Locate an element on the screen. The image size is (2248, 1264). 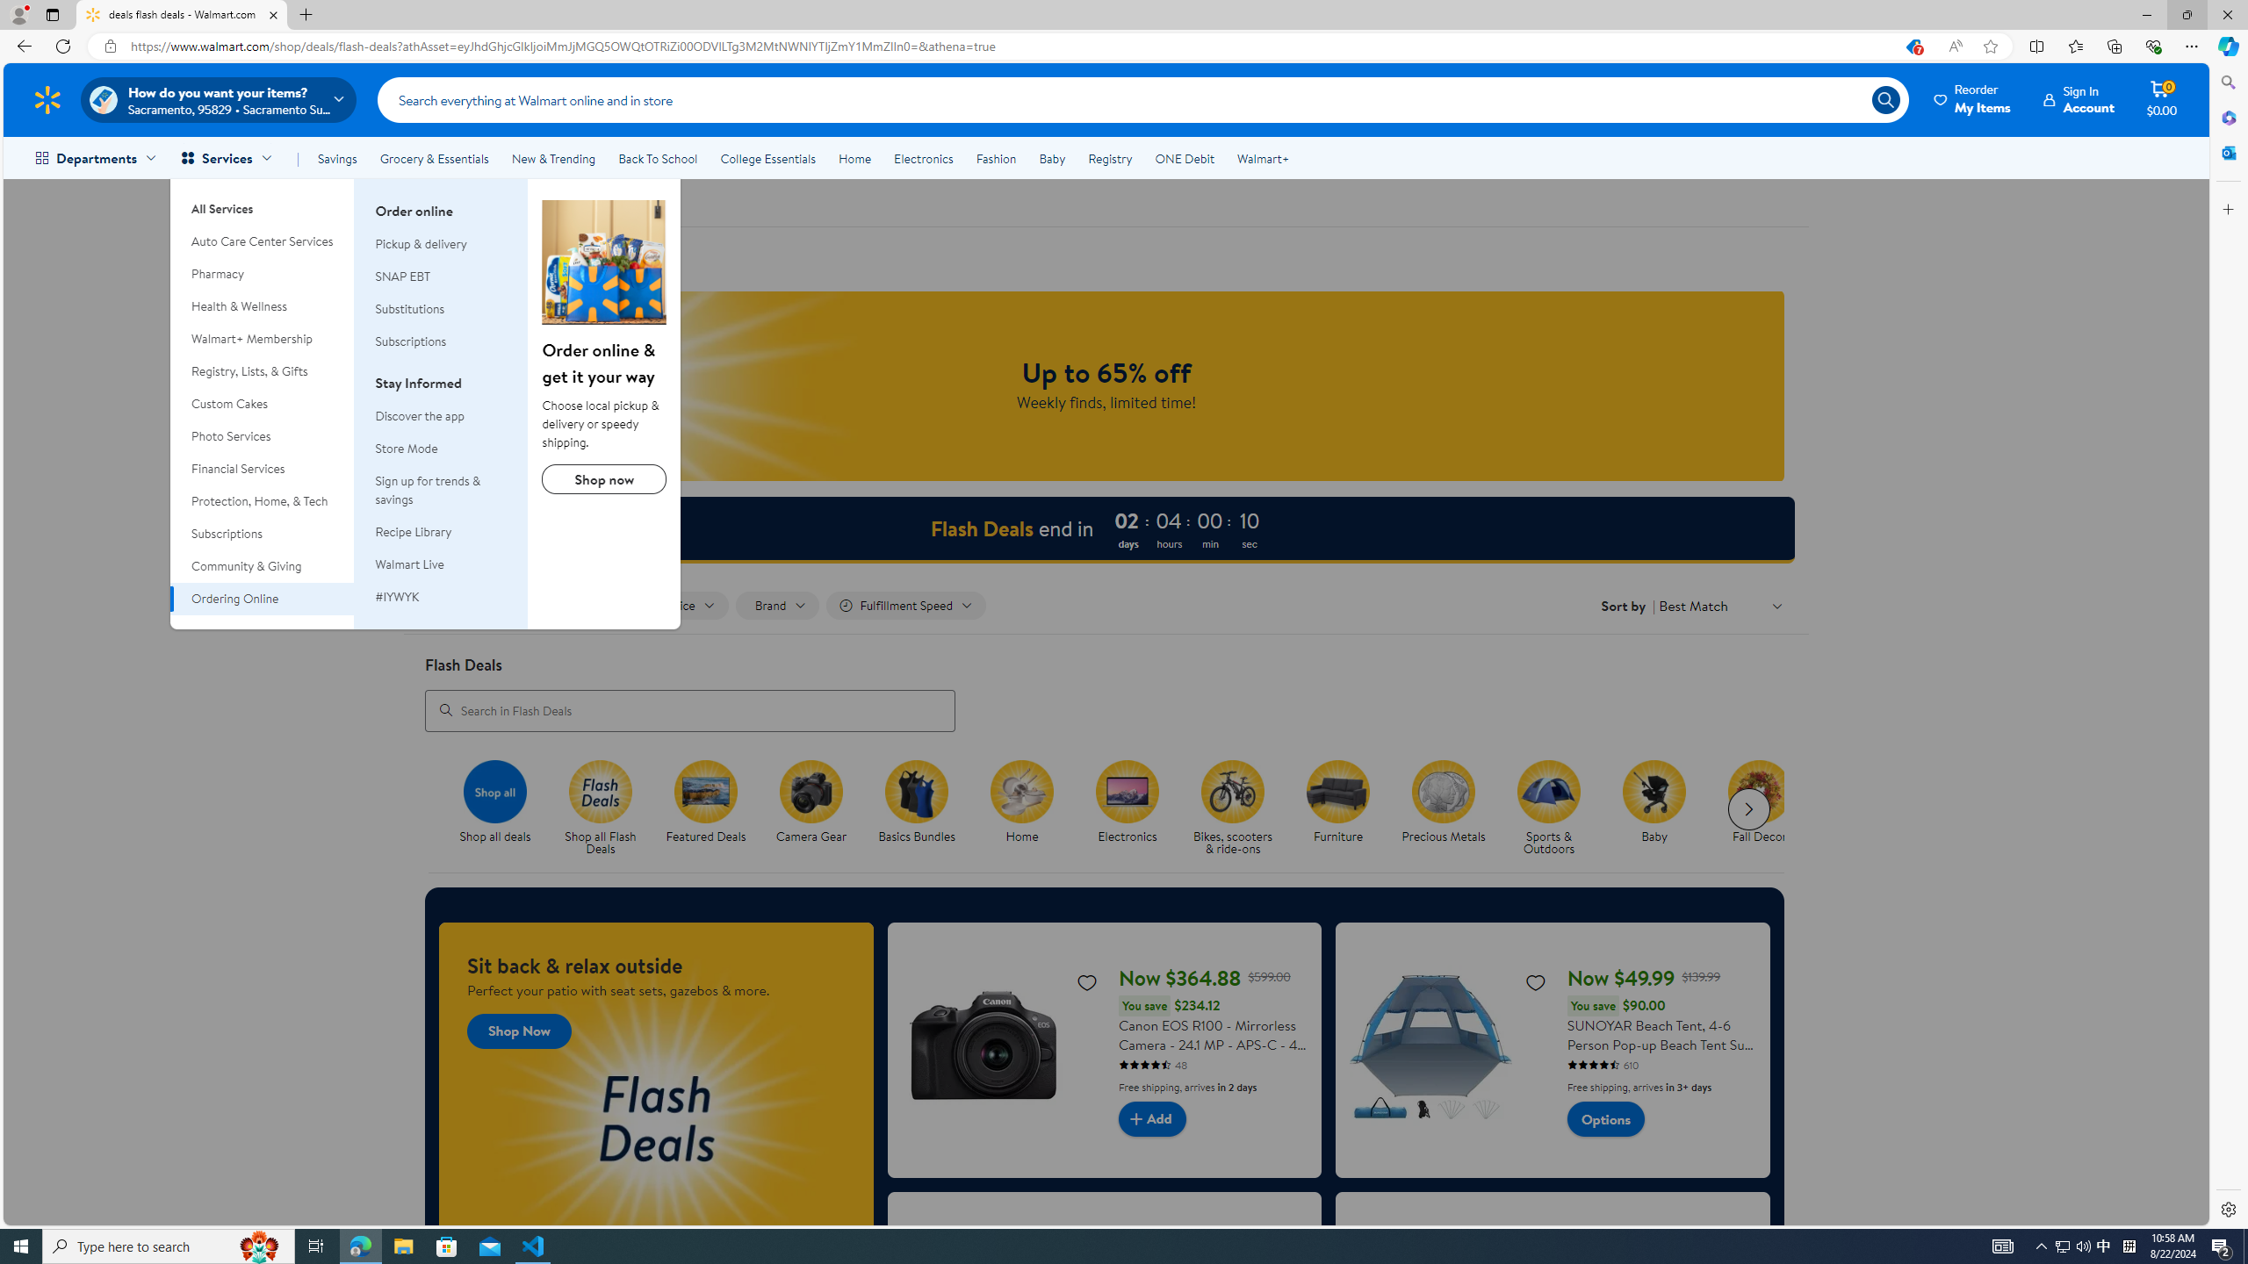
'Fall Decor' is located at coordinates (1764, 808).